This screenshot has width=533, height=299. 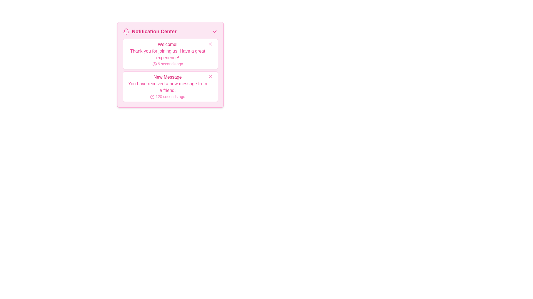 I want to click on the label with an icon that shows the relative time elapsed since the message was posted, located below the 'Thank you for joining us. Have a great experience!' message in the 'Welcome!' notification box, so click(x=167, y=64).